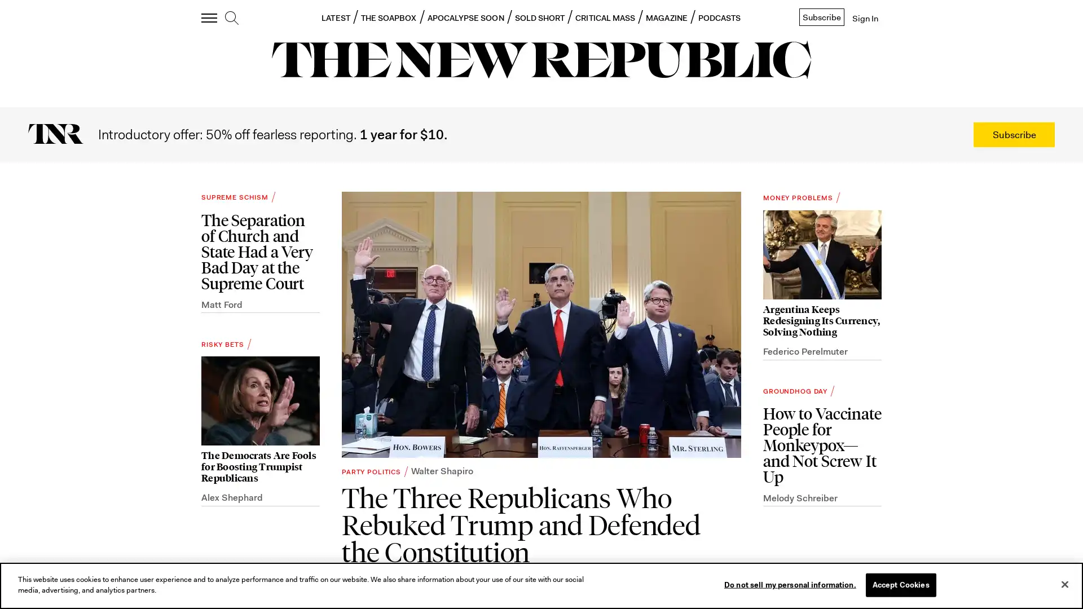 Image resolution: width=1083 pixels, height=609 pixels. What do you see at coordinates (789, 584) in the screenshot?
I see `Do not sell my personal information.` at bounding box center [789, 584].